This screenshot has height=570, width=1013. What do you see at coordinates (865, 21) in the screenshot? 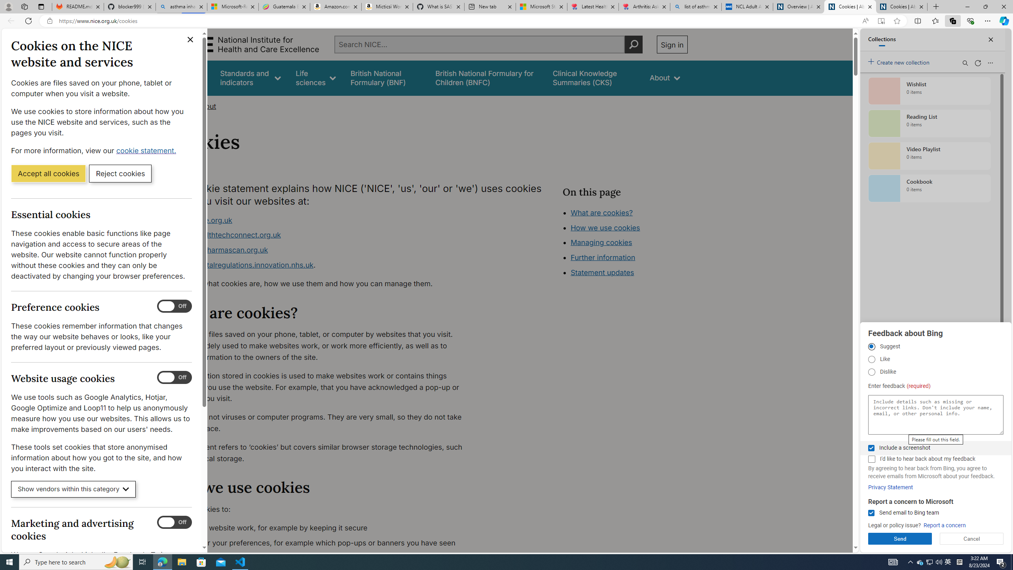
I see `'Read aloud this page (Ctrl+Shift+U)'` at bounding box center [865, 21].